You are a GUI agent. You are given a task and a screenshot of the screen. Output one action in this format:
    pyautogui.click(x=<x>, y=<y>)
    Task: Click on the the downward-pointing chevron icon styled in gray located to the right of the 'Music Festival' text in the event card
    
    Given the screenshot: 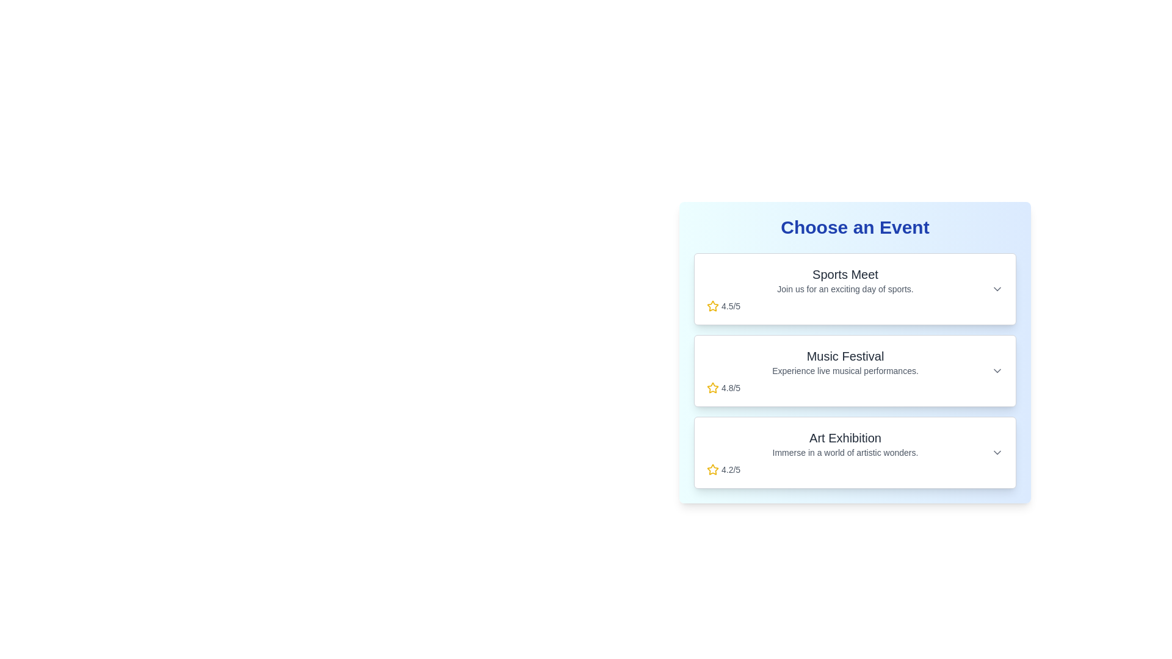 What is the action you would take?
    pyautogui.click(x=997, y=370)
    